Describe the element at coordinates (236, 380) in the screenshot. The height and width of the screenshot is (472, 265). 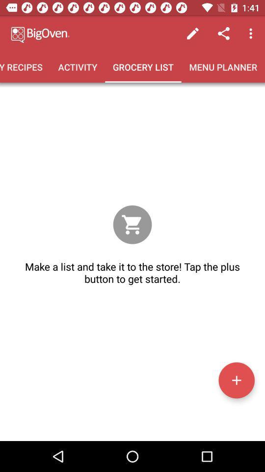
I see `a list` at that location.